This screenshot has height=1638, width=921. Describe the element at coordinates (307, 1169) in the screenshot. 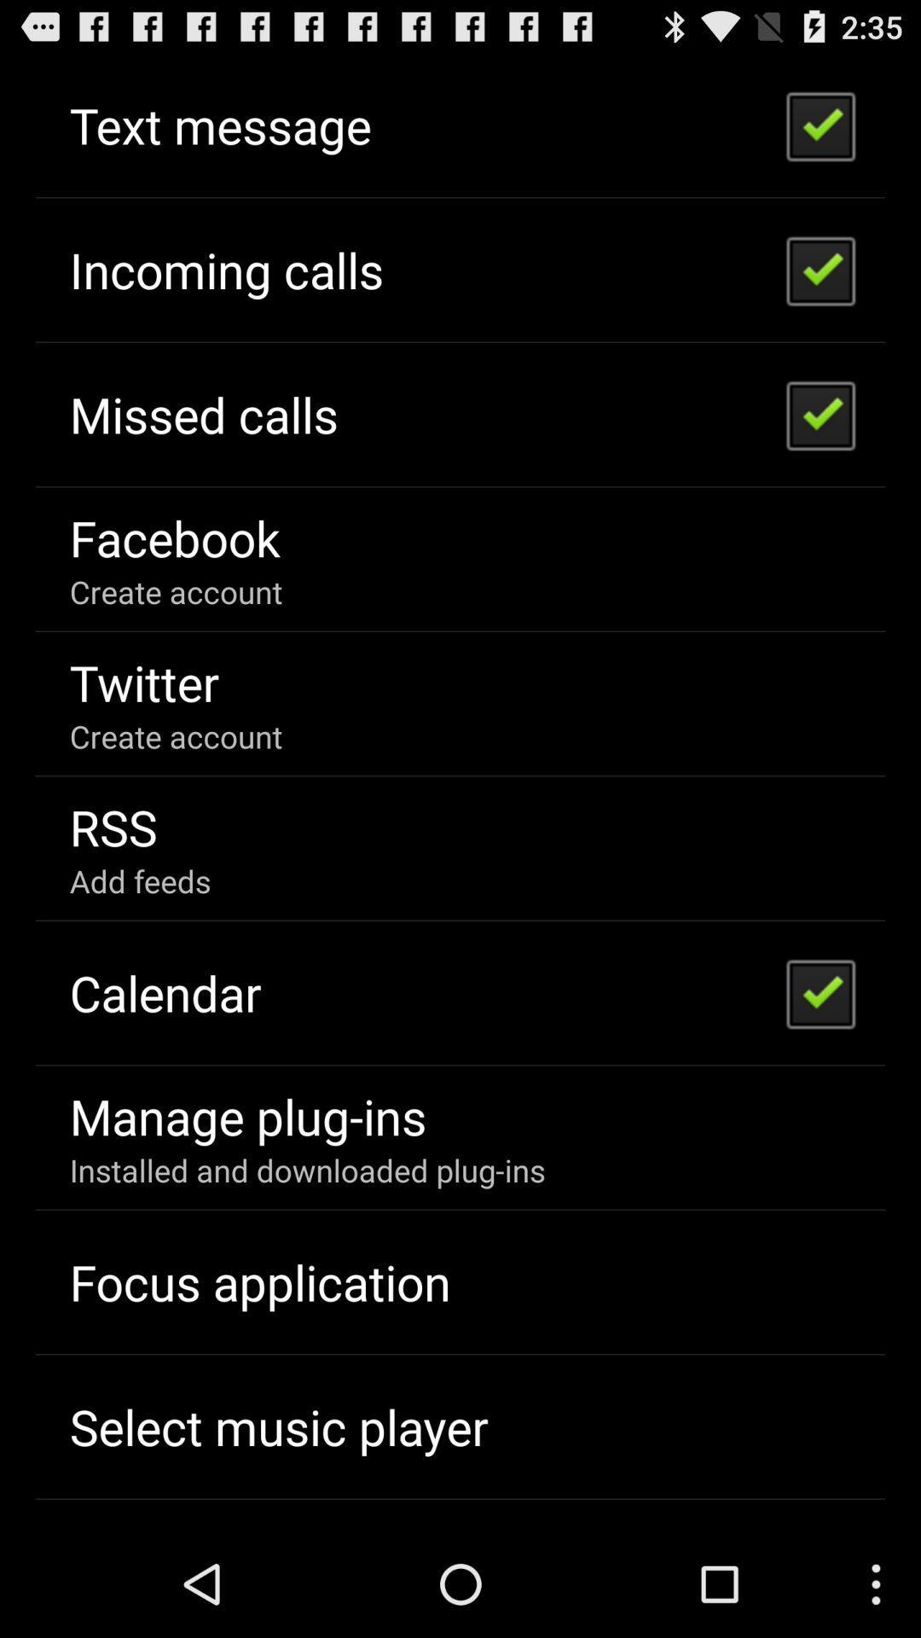

I see `the item at the bottom` at that location.